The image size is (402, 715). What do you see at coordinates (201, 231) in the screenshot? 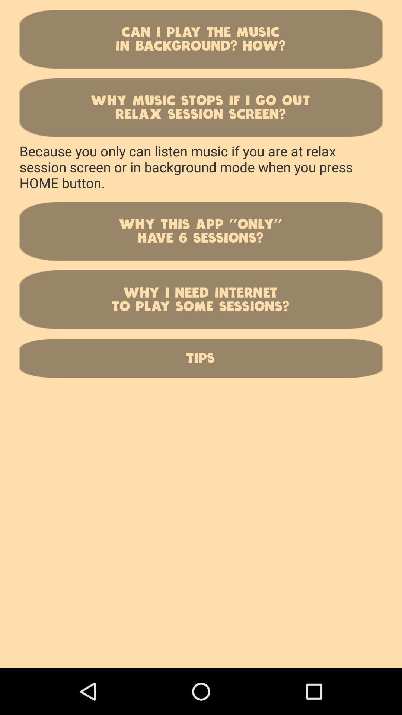
I see `why this app item` at bounding box center [201, 231].